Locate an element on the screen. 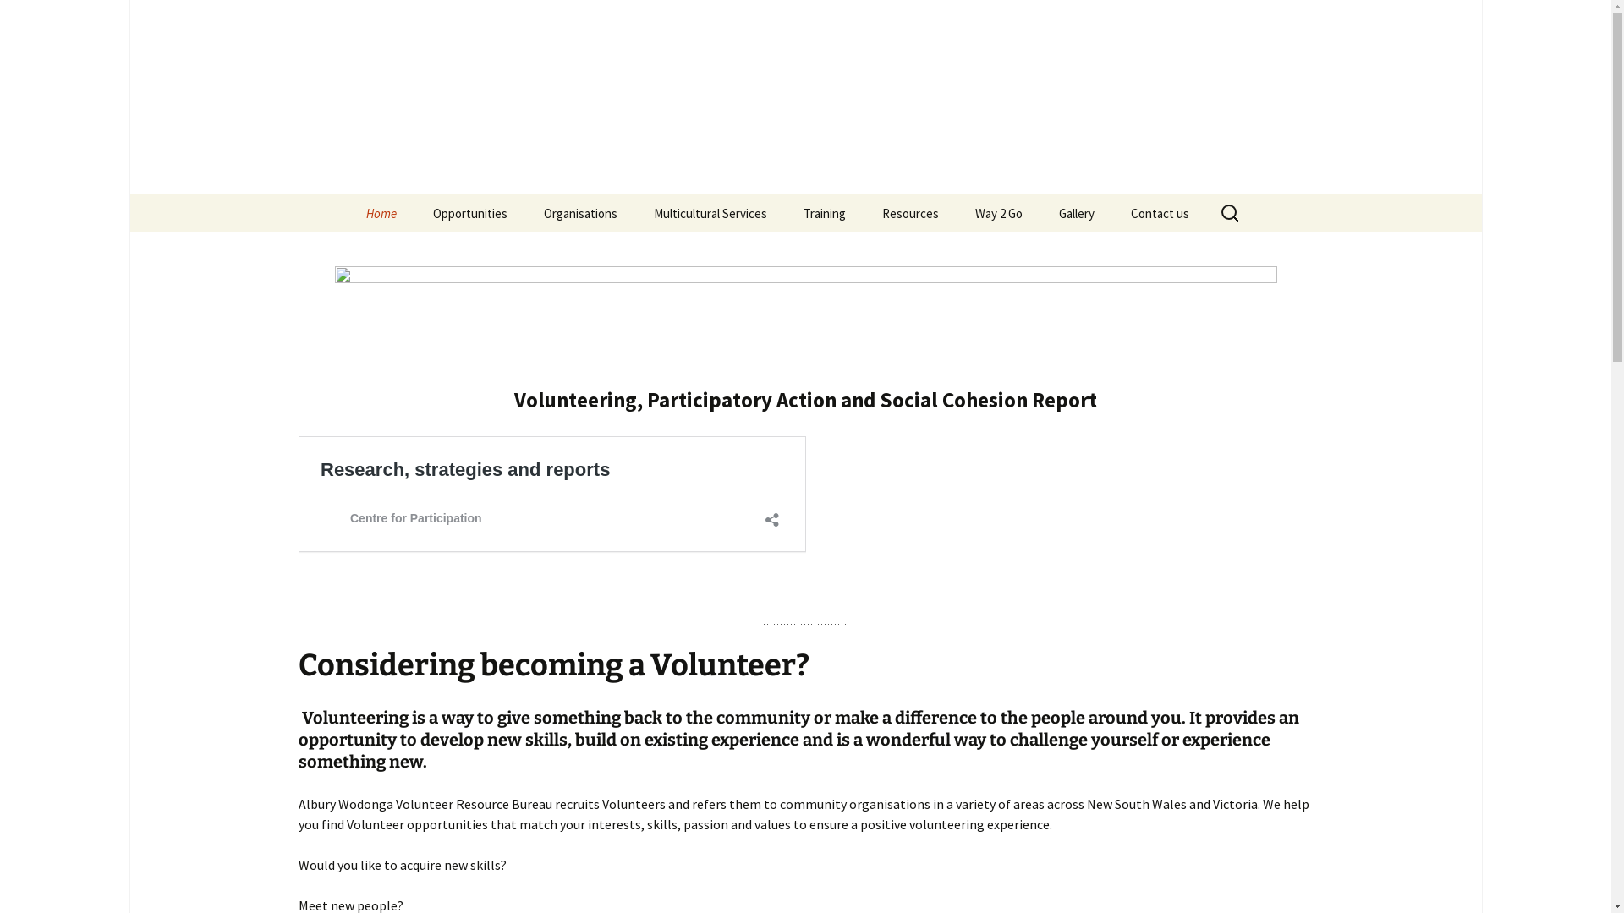 This screenshot has width=1624, height=913. 'Organisations' is located at coordinates (525, 212).